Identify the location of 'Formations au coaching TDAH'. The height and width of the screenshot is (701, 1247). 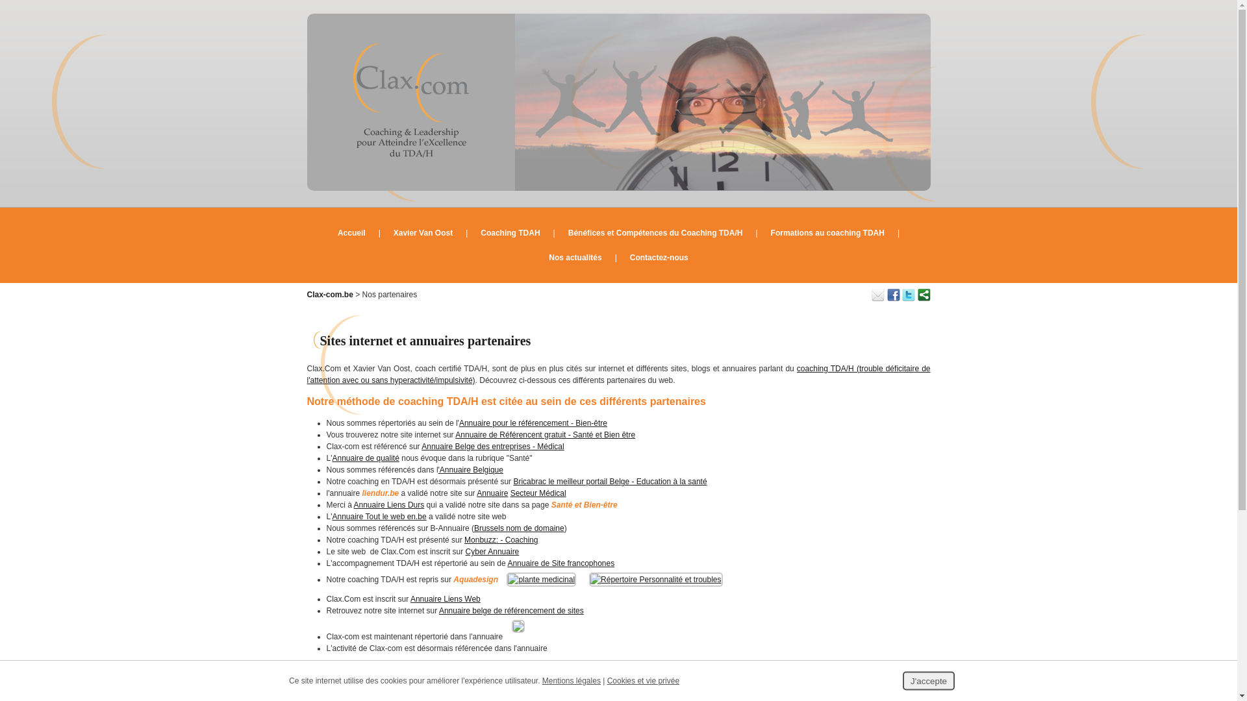
(827, 232).